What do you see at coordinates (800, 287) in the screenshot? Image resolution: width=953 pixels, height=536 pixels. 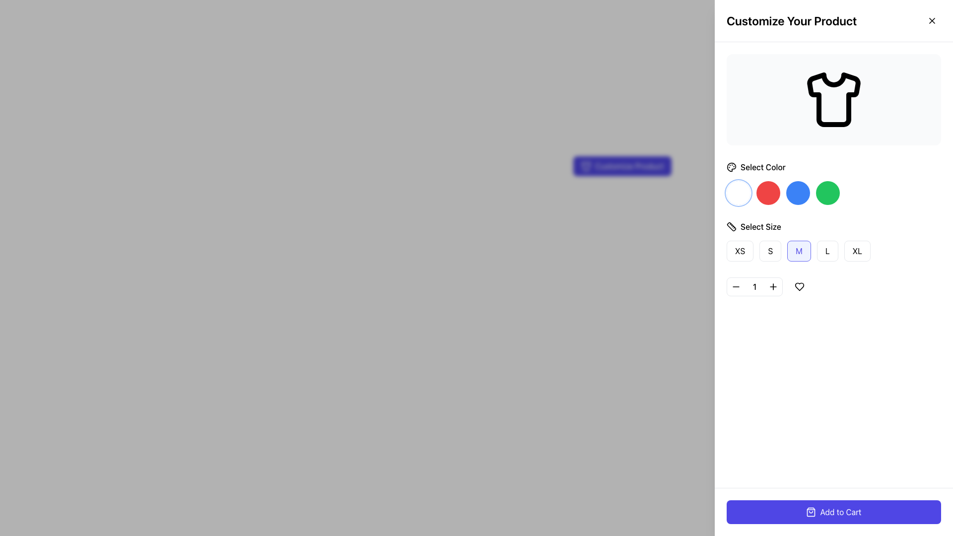 I see `the heart icon` at bounding box center [800, 287].